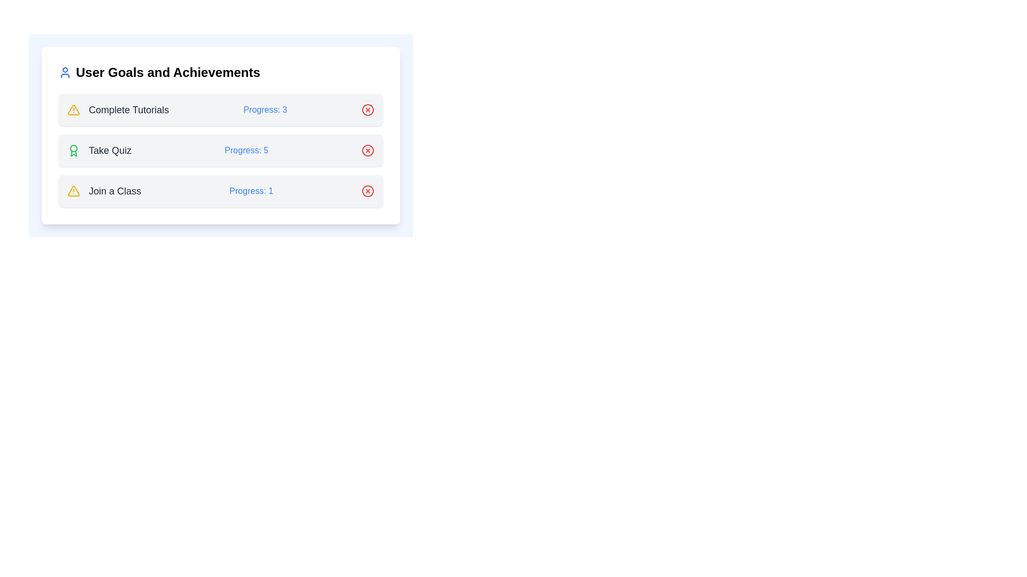 This screenshot has height=577, width=1027. I want to click on the green-themed award icon within the 'Take Quiz' item in the list, which is part of an SVG image element, so click(73, 153).